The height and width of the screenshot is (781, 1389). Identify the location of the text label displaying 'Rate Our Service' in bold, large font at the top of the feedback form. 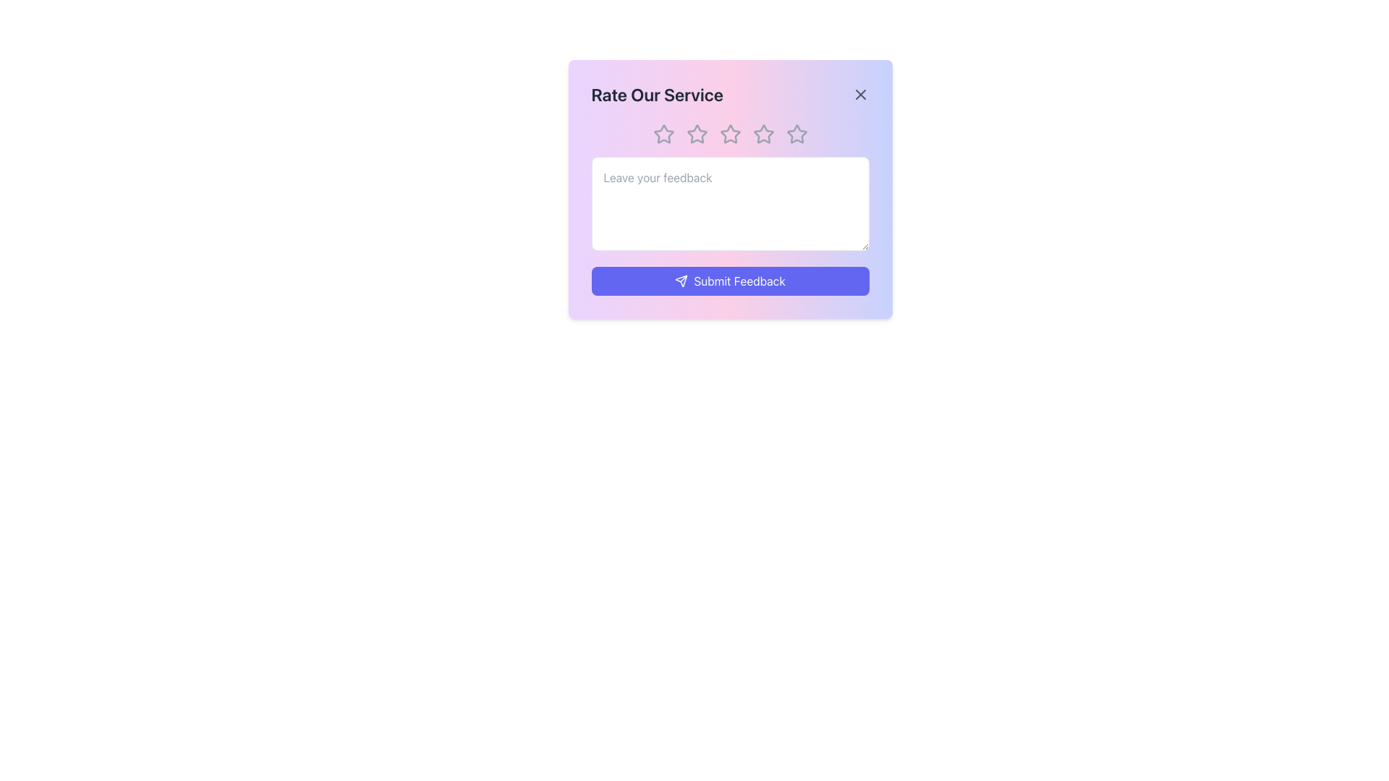
(656, 95).